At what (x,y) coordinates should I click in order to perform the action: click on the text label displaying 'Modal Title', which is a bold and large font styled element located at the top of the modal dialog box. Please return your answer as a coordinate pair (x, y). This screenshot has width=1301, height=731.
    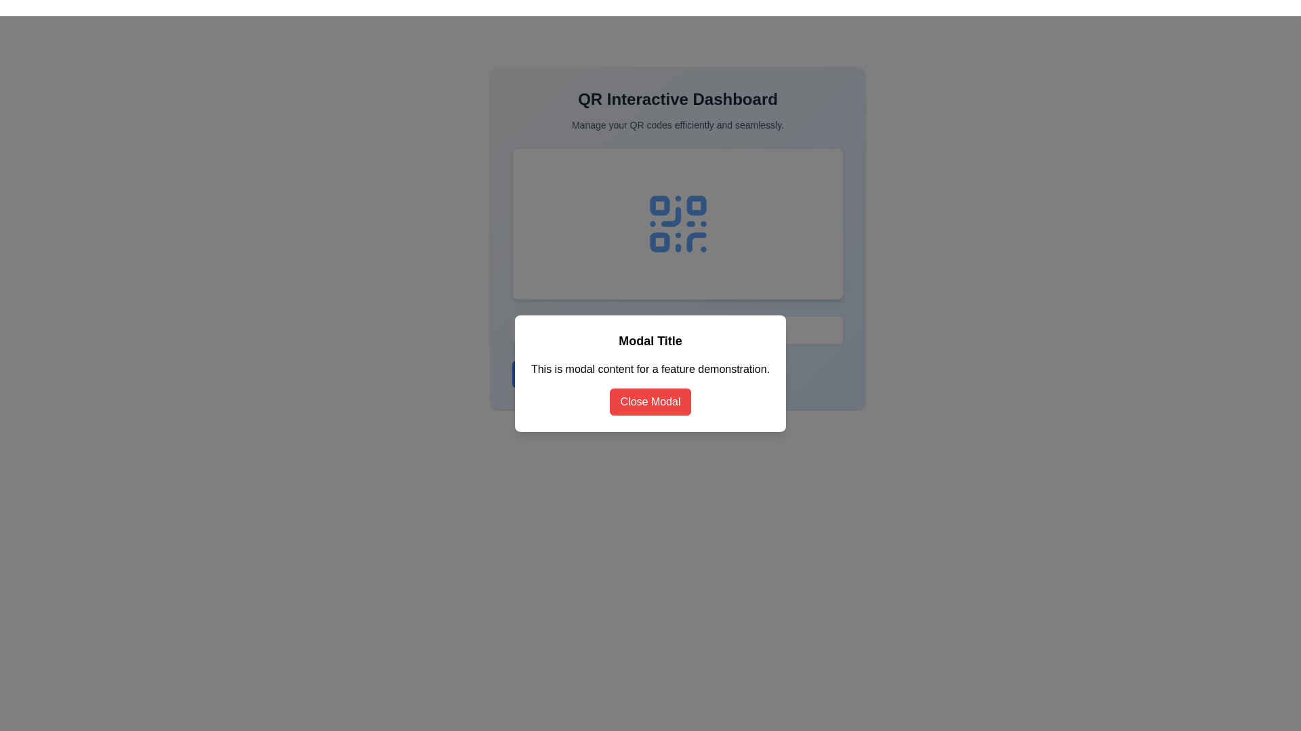
    Looking at the image, I should click on (650, 340).